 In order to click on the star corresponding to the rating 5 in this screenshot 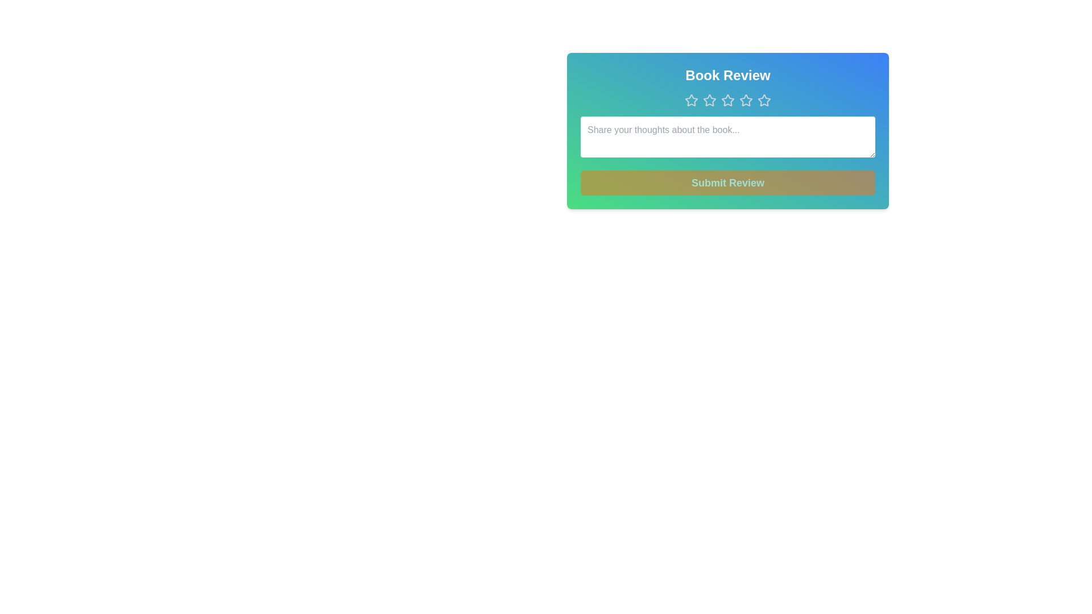, I will do `click(764, 100)`.